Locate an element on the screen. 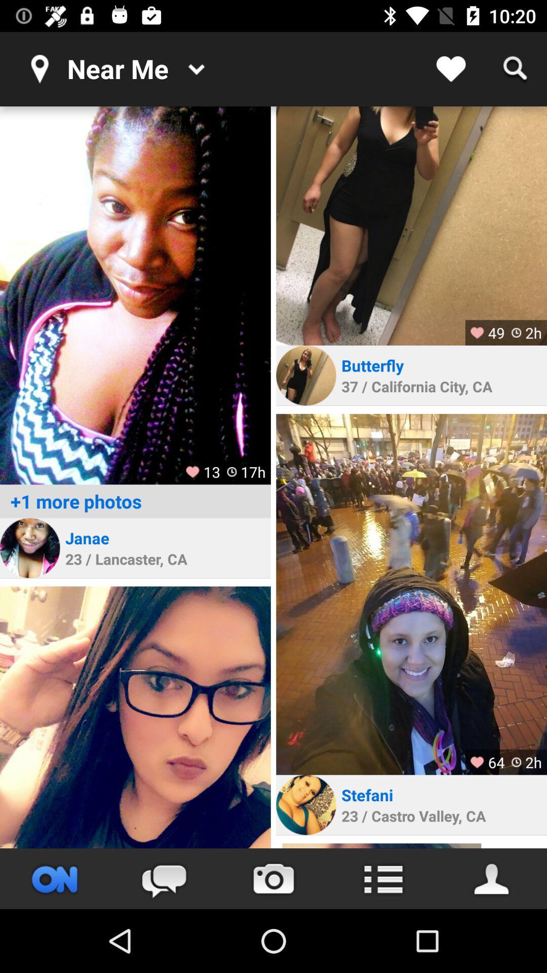  picture is located at coordinates (135, 717).